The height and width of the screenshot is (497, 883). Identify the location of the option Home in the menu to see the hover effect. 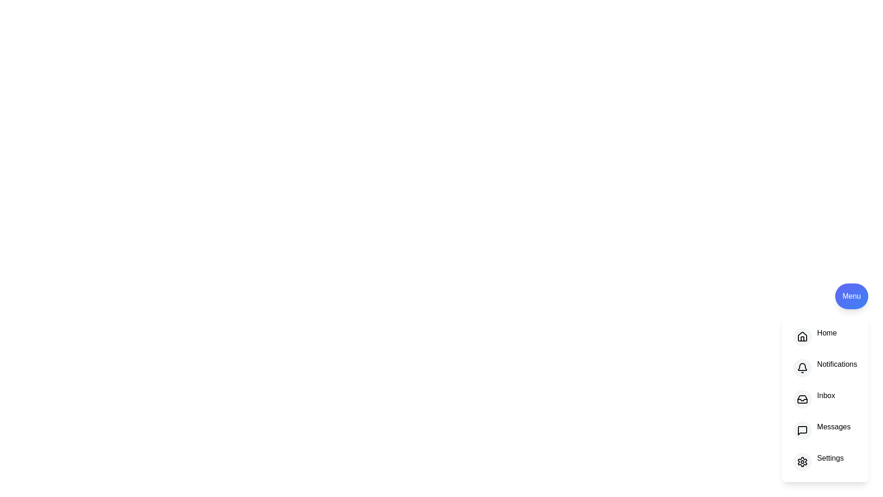
(825, 337).